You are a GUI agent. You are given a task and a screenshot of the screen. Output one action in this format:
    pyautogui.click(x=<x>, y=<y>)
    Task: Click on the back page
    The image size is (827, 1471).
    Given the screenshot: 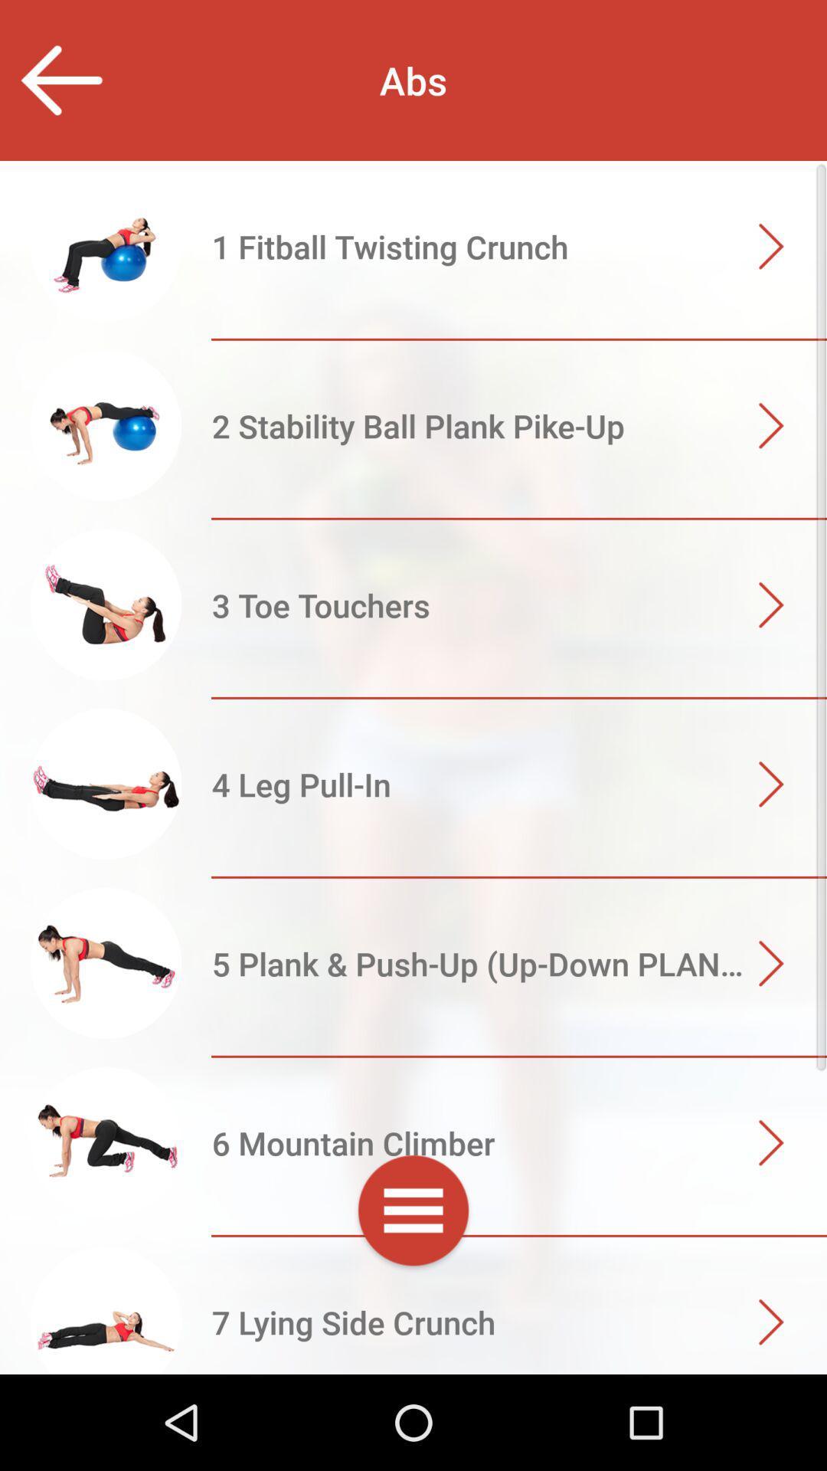 What is the action you would take?
    pyautogui.click(x=60, y=80)
    